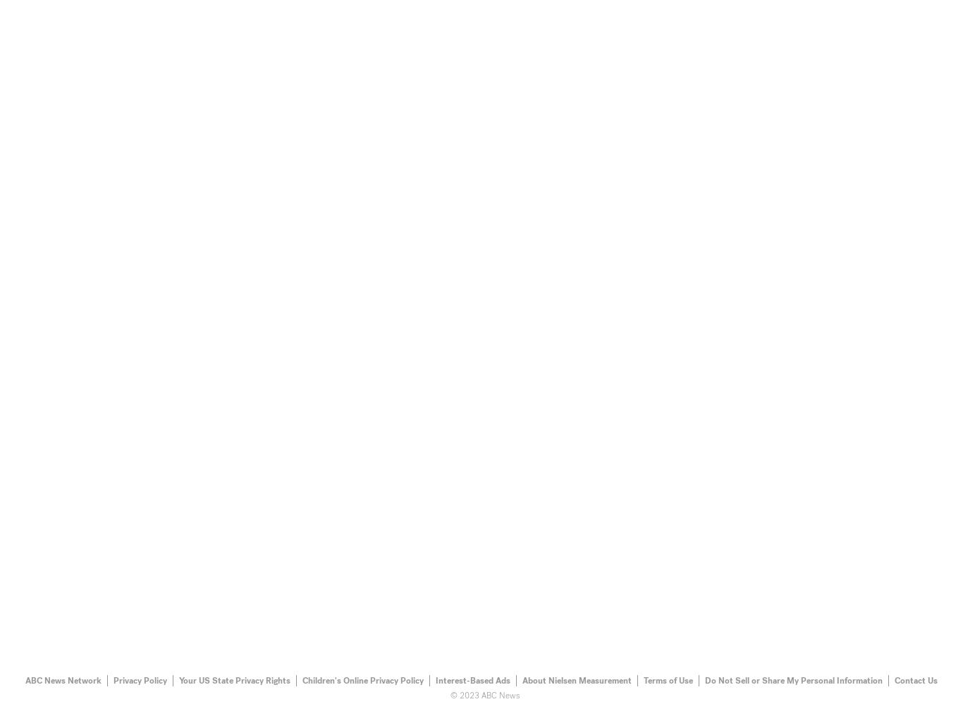  I want to click on 'Privacy Policy', so click(140, 679).